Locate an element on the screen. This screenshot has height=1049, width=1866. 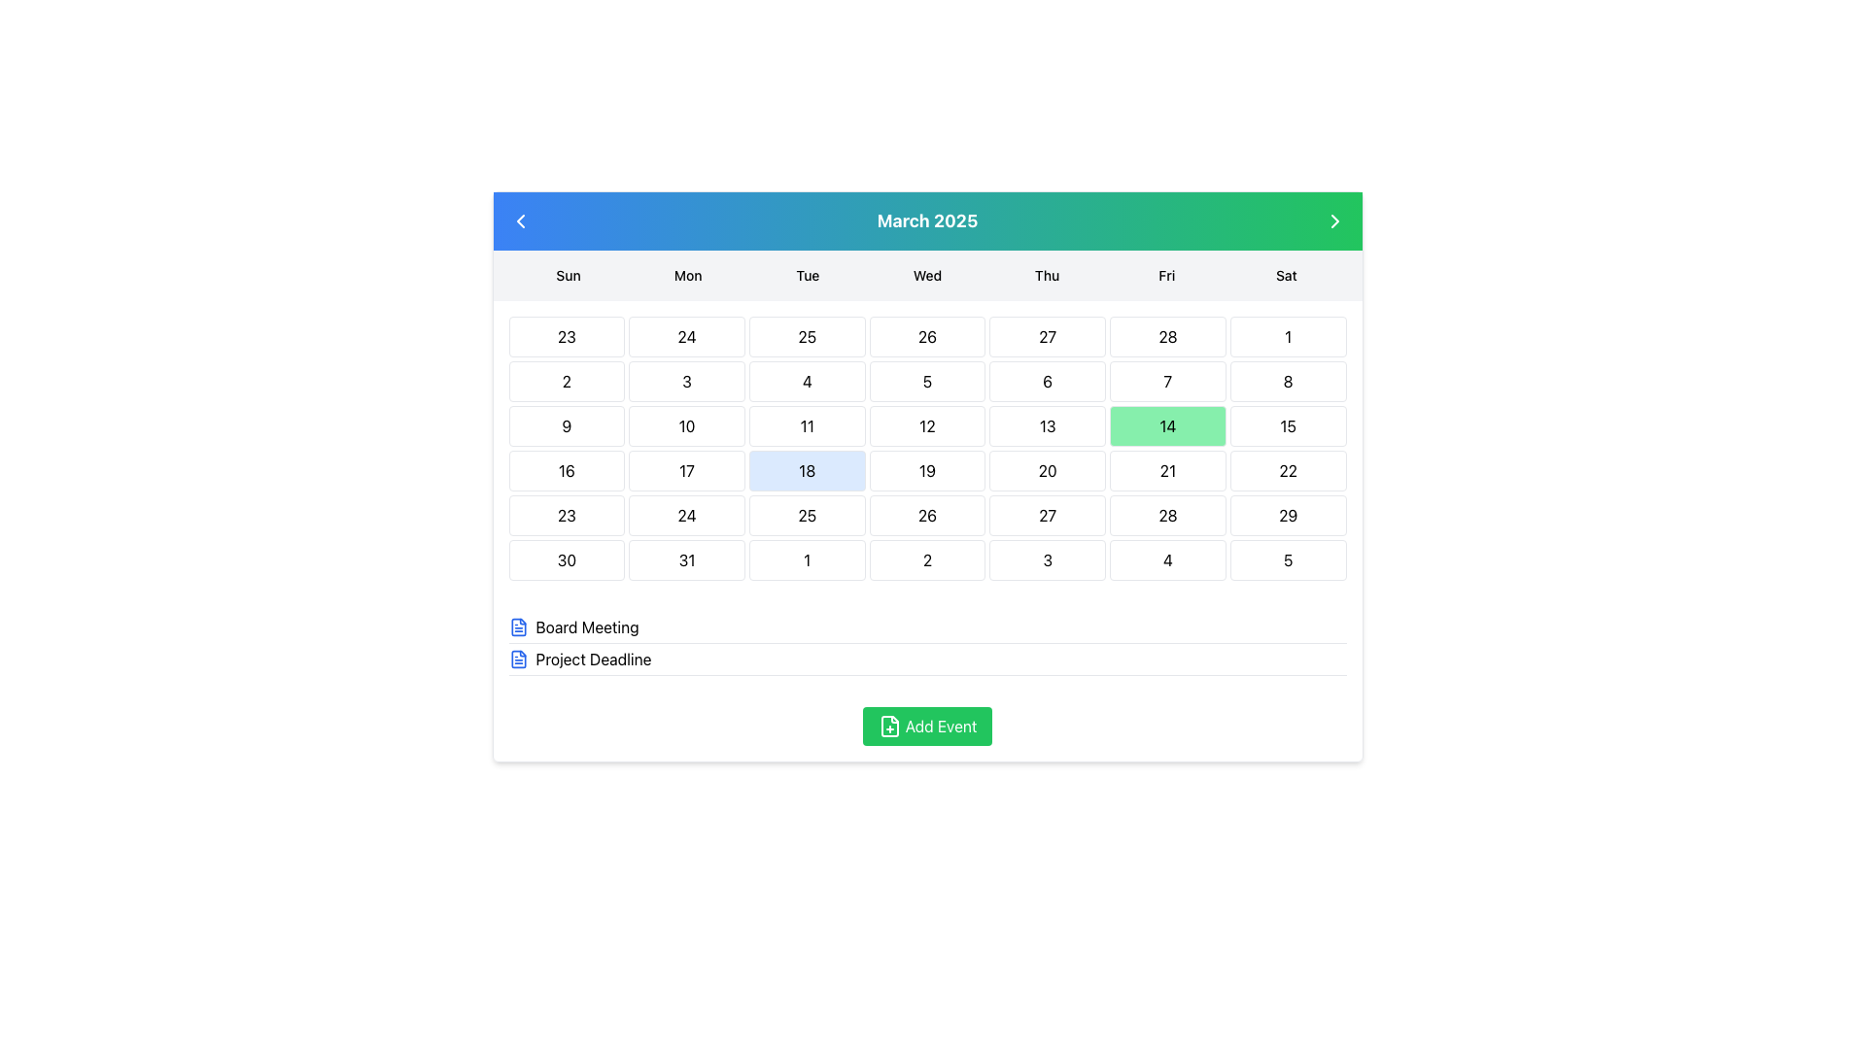
the calendar date cell representing the date '4' is located at coordinates (1166, 560).